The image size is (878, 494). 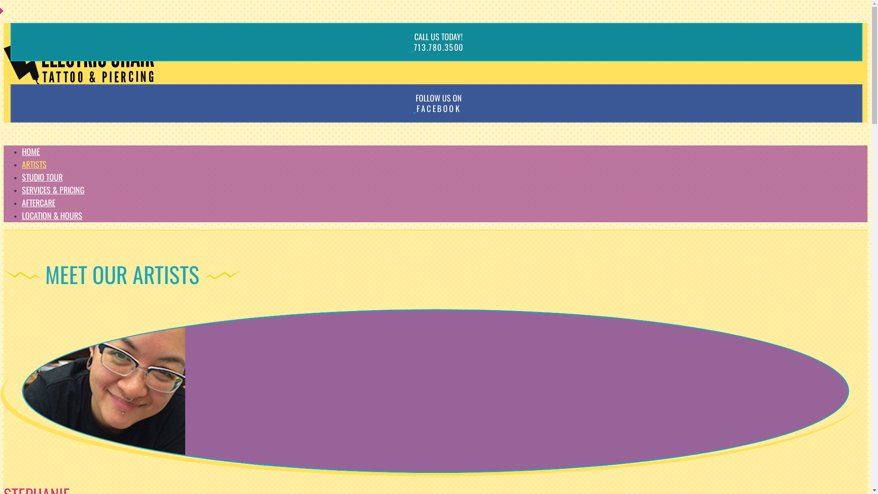 I want to click on 'ARTISTS', so click(x=34, y=163).